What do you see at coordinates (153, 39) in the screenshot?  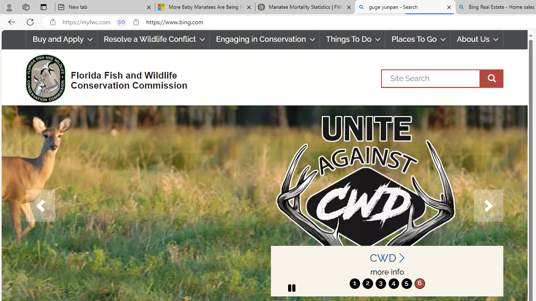 I see `'Resolve a Wildlife Conflict'` at bounding box center [153, 39].